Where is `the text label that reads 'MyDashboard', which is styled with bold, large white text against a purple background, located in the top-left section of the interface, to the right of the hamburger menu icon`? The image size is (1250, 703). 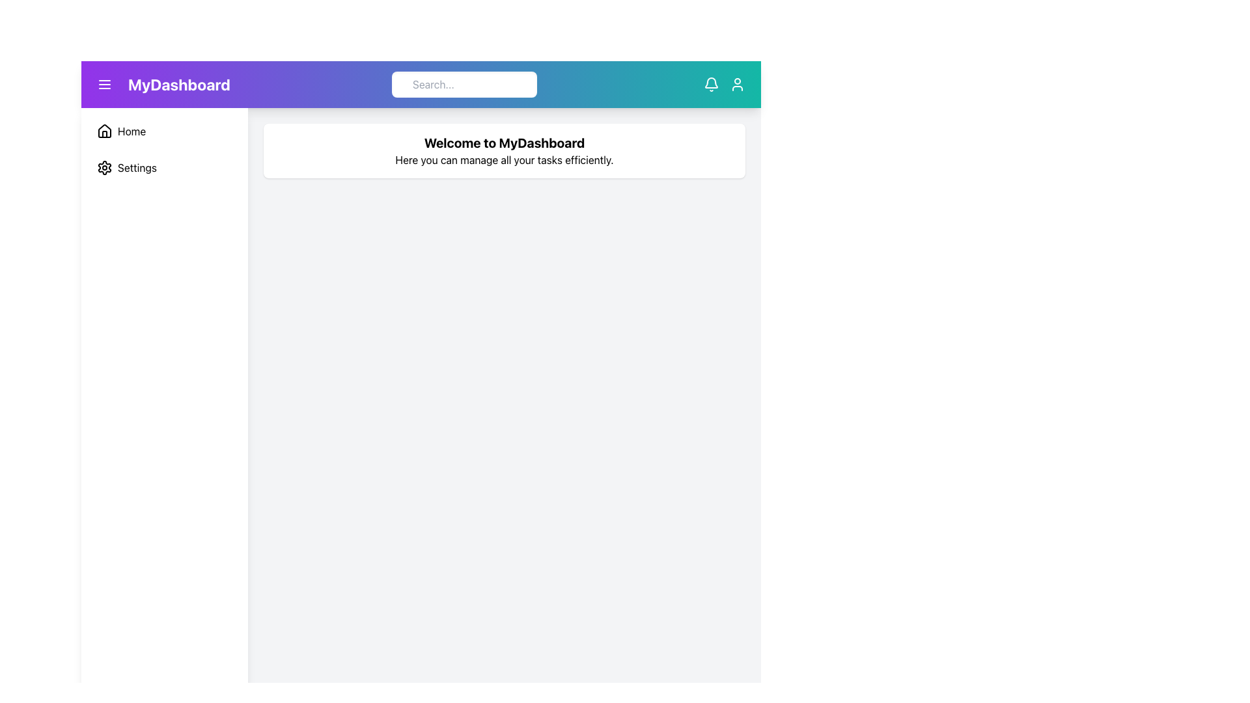 the text label that reads 'MyDashboard', which is styled with bold, large white text against a purple background, located in the top-left section of the interface, to the right of the hamburger menu icon is located at coordinates (178, 85).